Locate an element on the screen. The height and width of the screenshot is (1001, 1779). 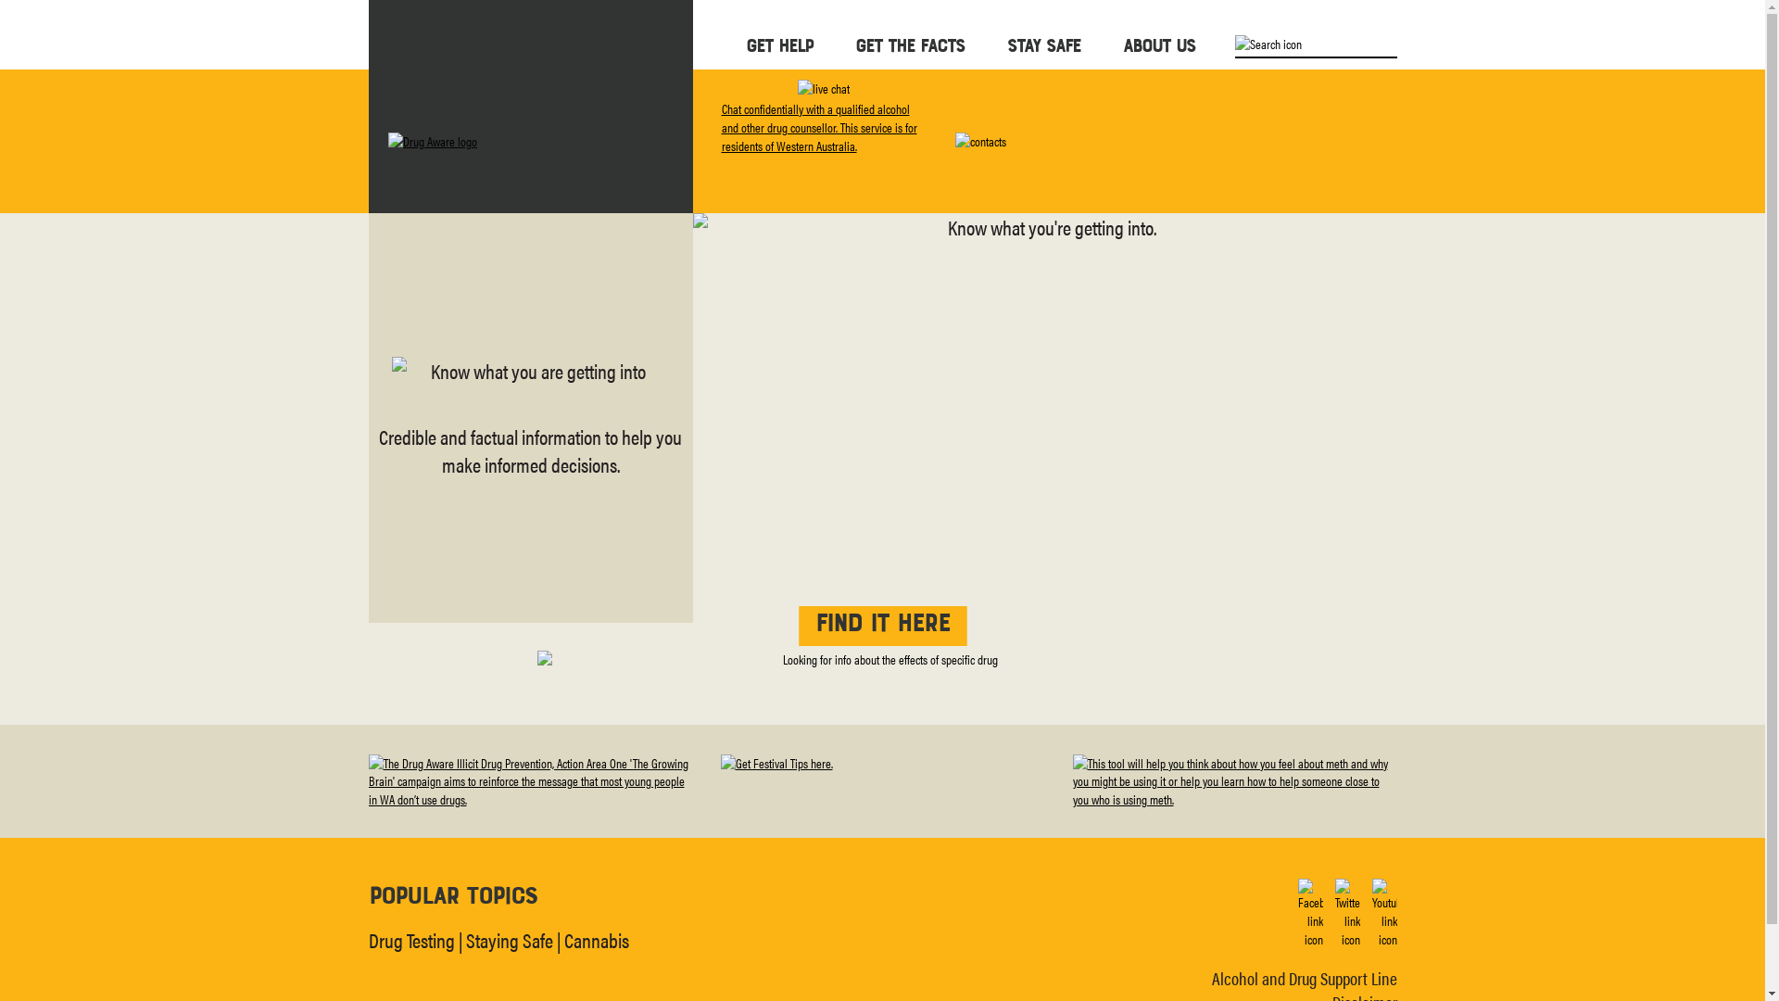
'STAY SAFE' is located at coordinates (1004, 44).